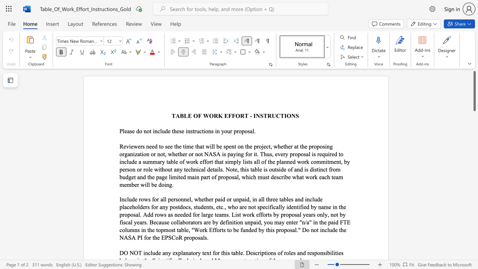 This screenshot has width=478, height=269. What do you see at coordinates (474, 235) in the screenshot?
I see `the page's right scrollbar for downward movement` at bounding box center [474, 235].